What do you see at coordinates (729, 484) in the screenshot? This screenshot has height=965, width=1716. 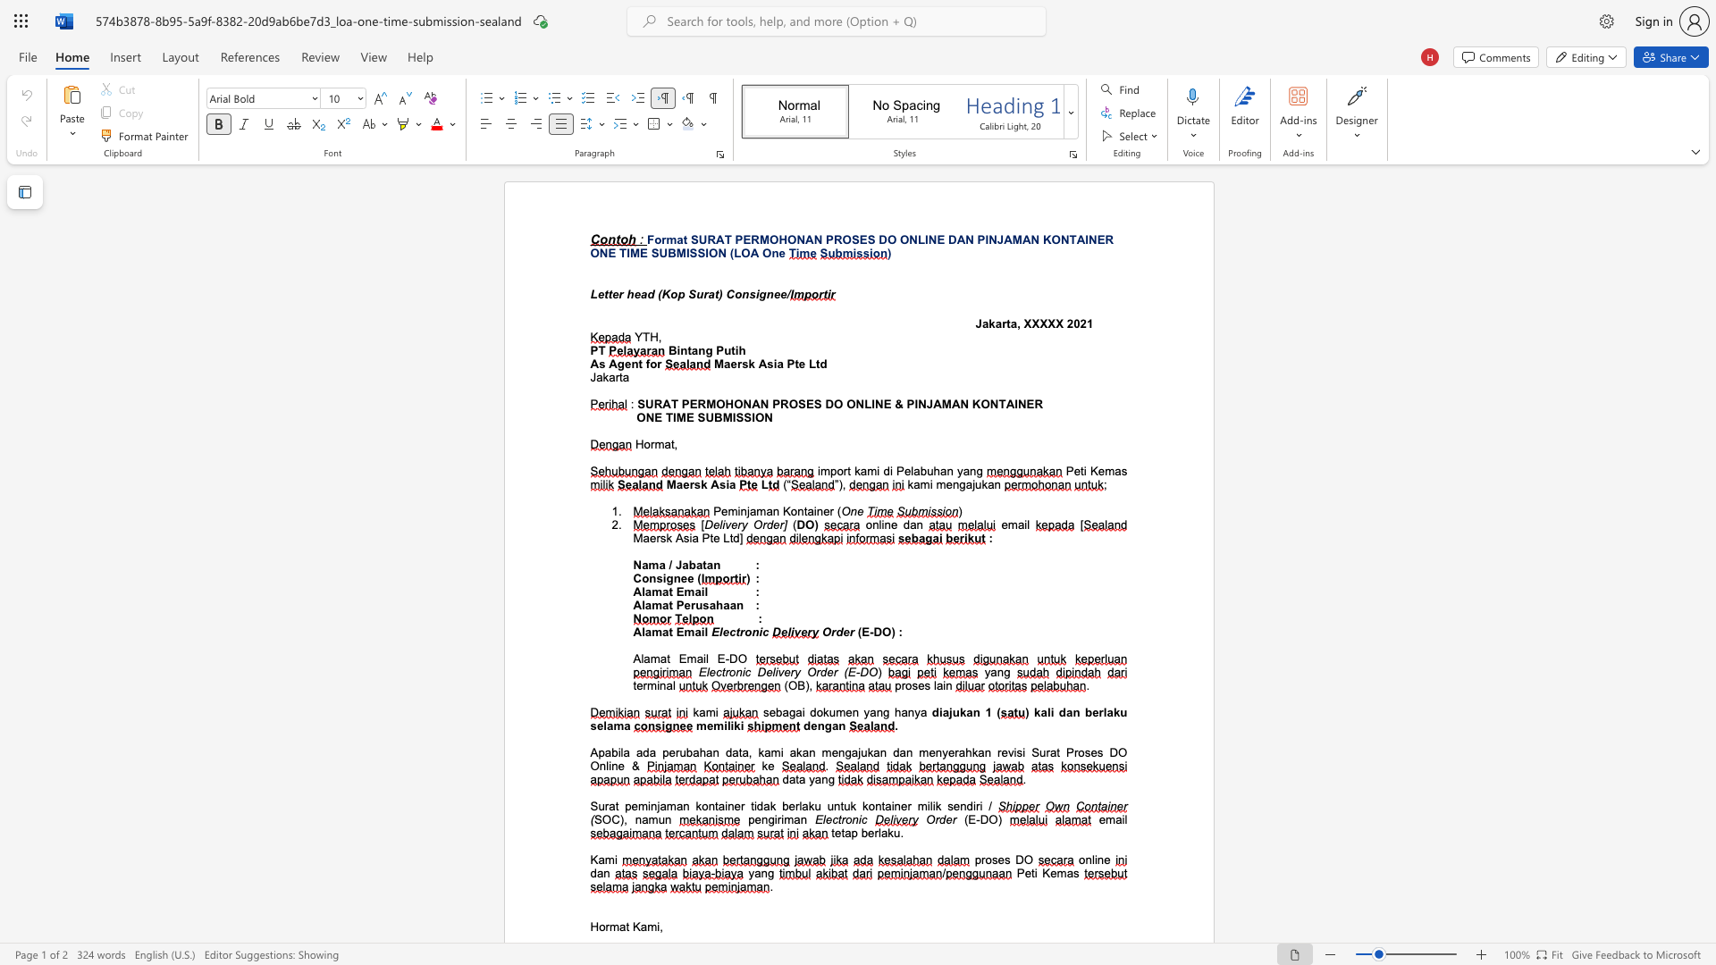 I see `the space between the continuous character "i" and "a" in the text` at bounding box center [729, 484].